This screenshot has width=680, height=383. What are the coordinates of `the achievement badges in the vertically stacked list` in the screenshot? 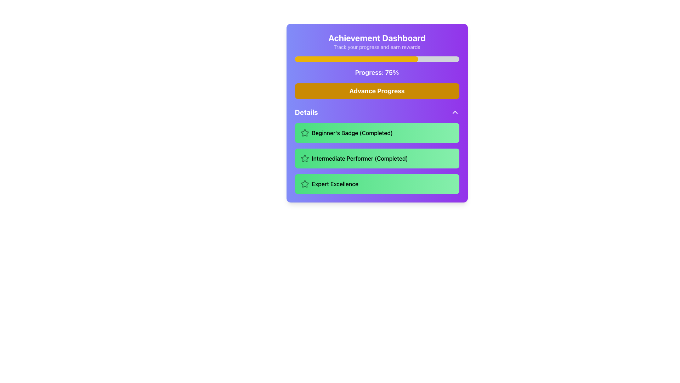 It's located at (376, 158).